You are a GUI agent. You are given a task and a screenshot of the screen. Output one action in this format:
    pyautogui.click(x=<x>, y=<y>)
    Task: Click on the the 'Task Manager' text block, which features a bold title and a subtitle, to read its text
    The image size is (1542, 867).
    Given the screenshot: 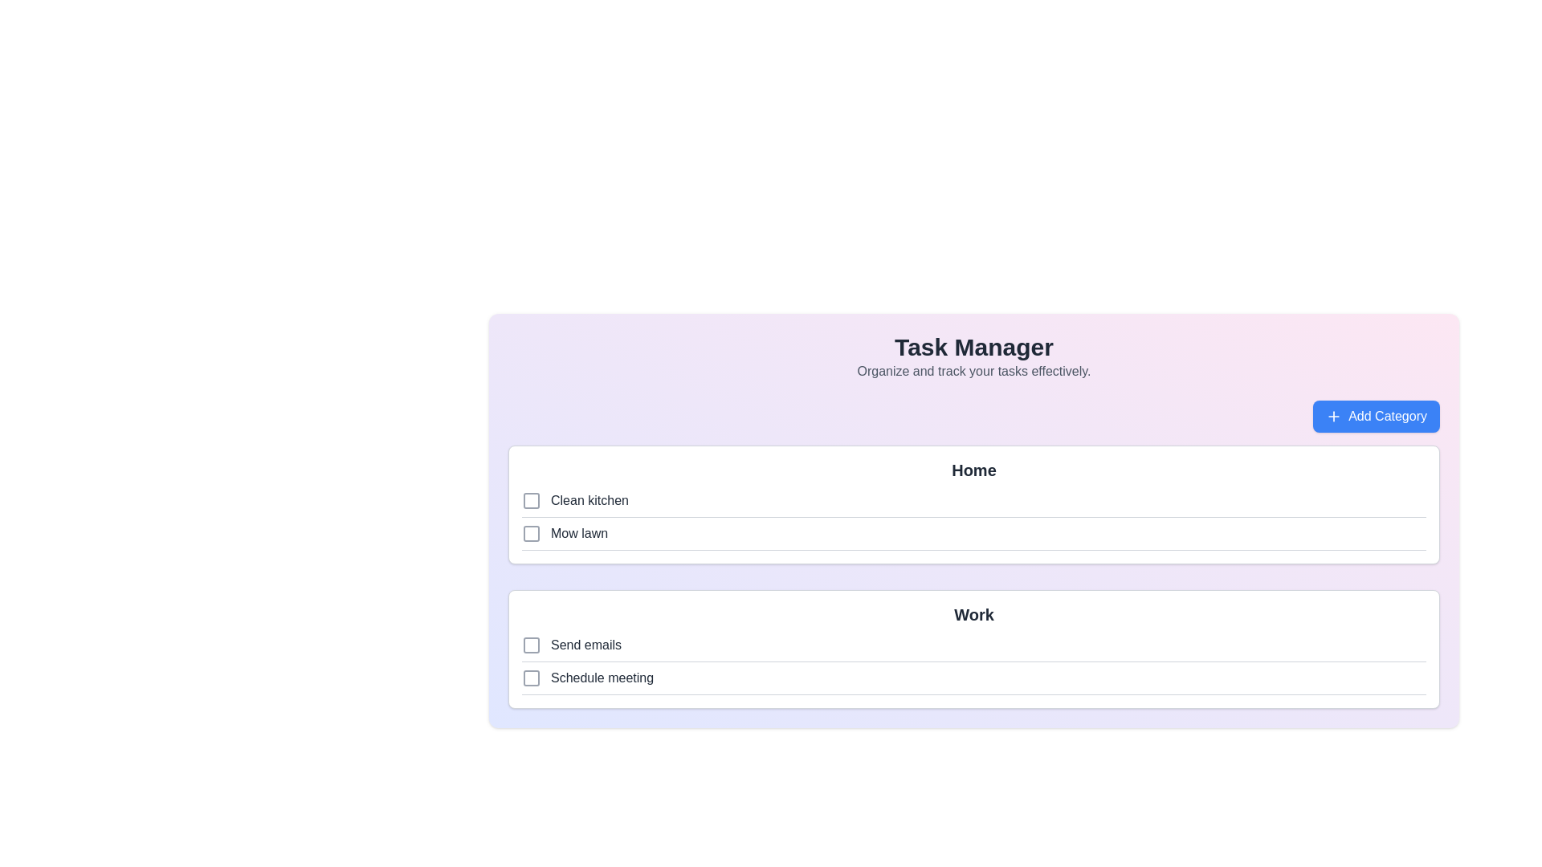 What is the action you would take?
    pyautogui.click(x=973, y=356)
    